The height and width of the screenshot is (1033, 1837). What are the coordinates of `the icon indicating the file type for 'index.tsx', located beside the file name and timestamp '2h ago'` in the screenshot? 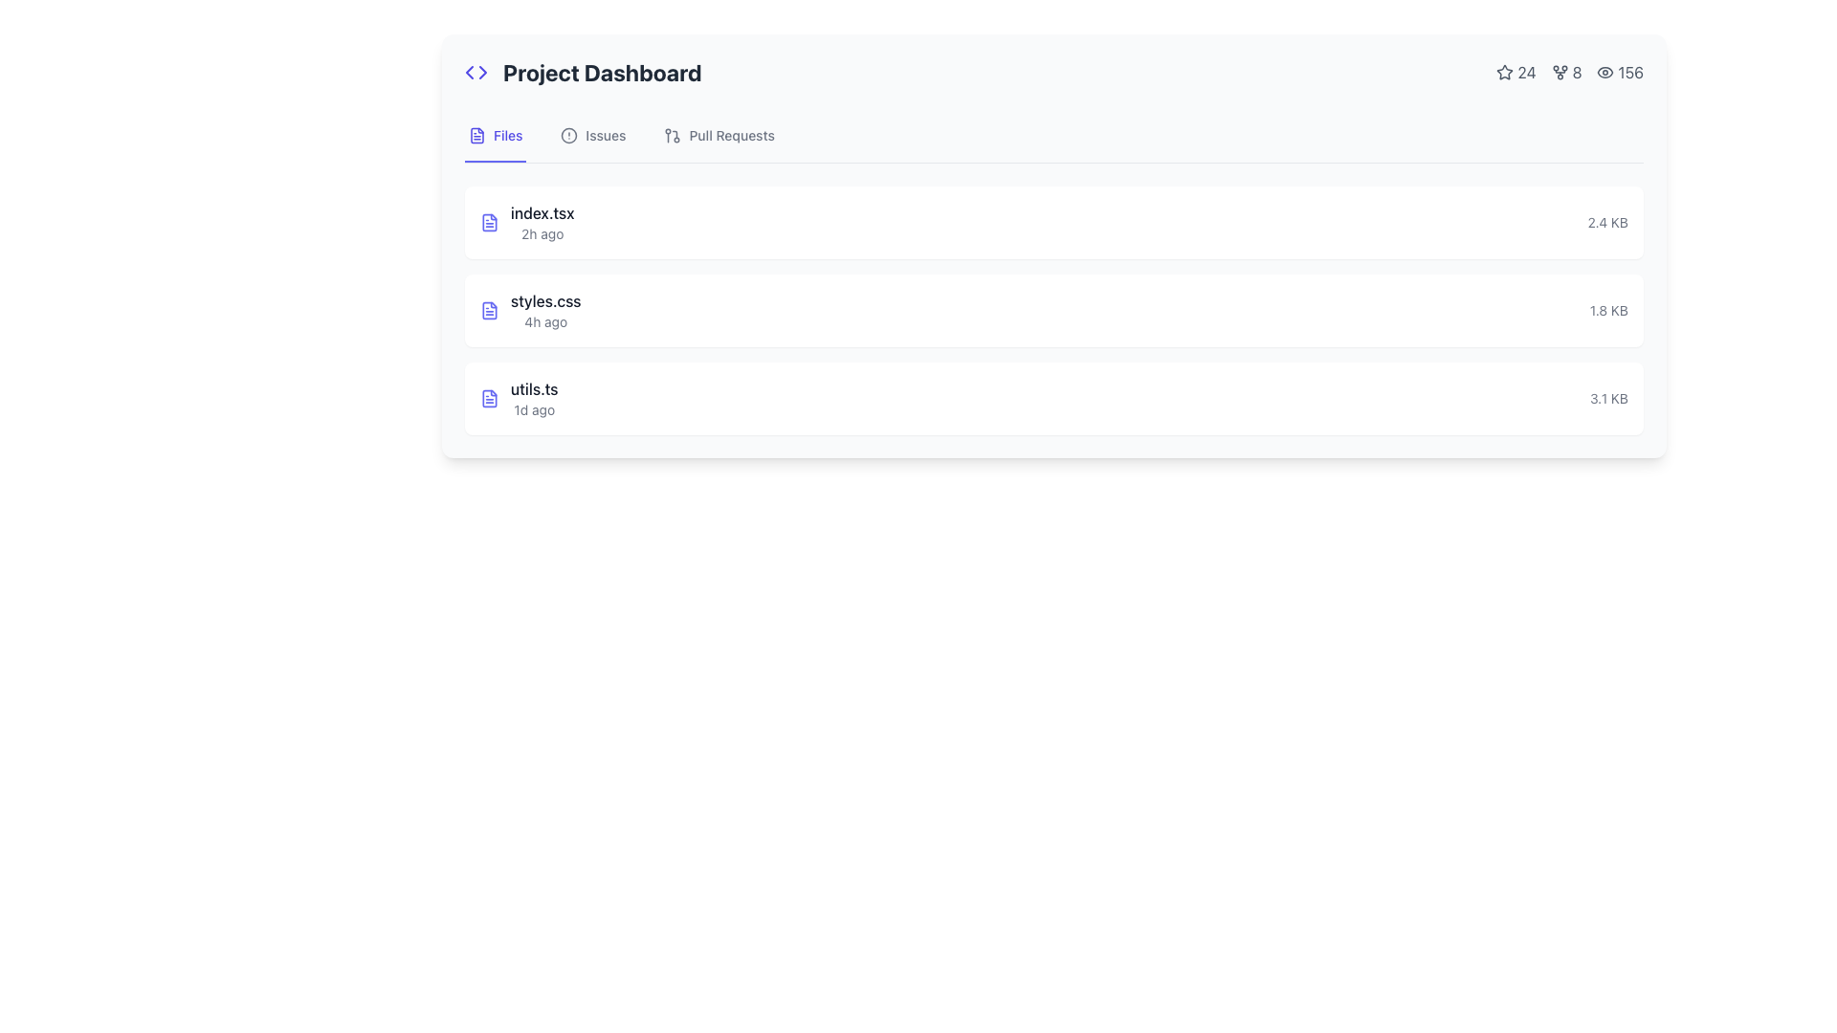 It's located at (490, 221).